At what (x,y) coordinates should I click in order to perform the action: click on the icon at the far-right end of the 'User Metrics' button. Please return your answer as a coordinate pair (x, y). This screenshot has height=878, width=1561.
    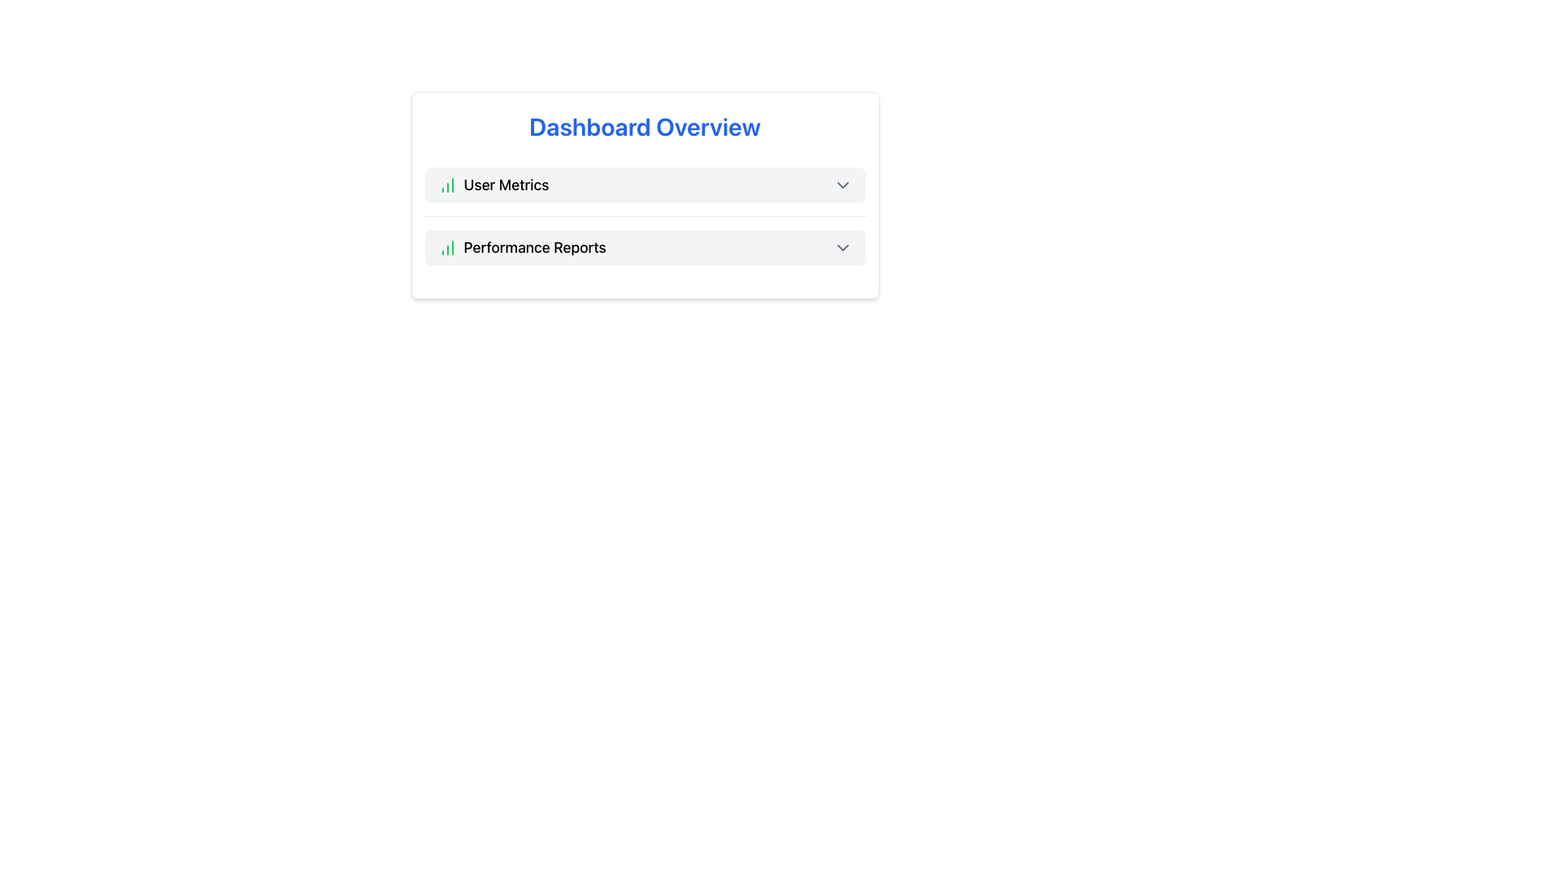
    Looking at the image, I should click on (842, 184).